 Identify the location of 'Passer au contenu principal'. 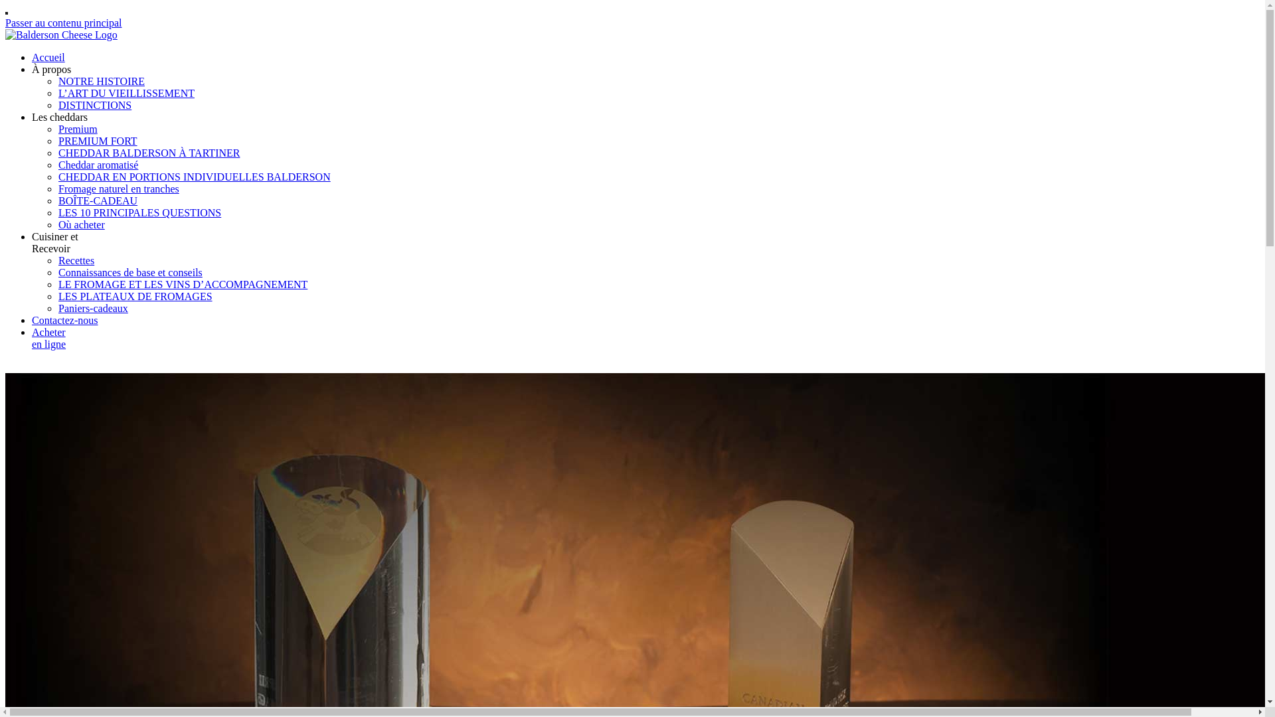
(5, 23).